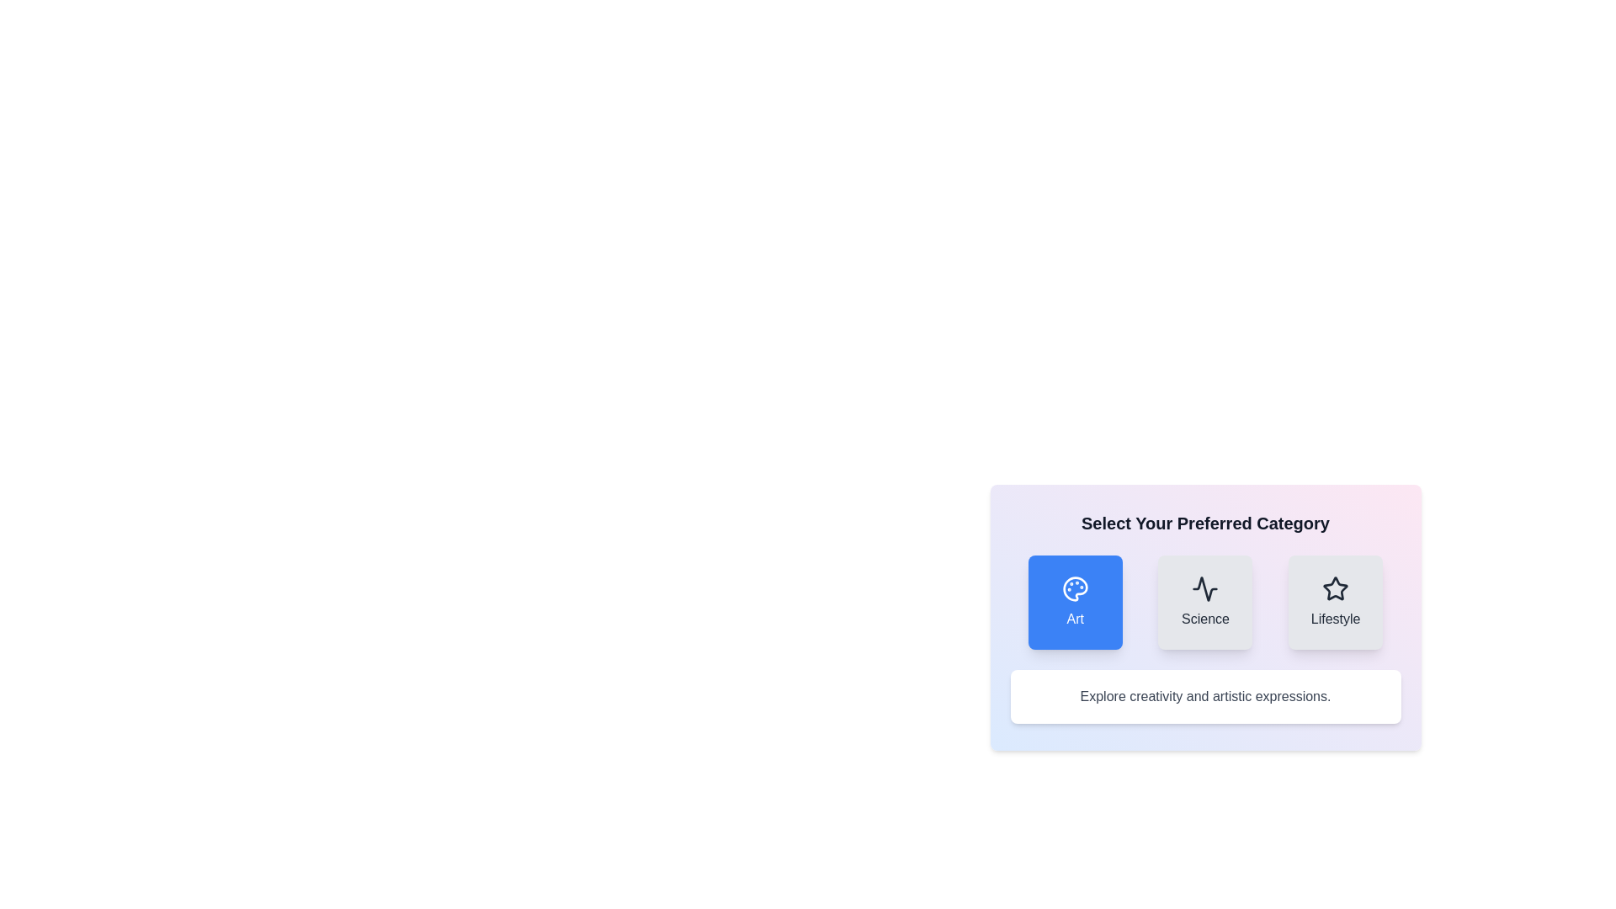 The width and height of the screenshot is (1616, 909). I want to click on the 'Science' category button, so click(1204, 602).